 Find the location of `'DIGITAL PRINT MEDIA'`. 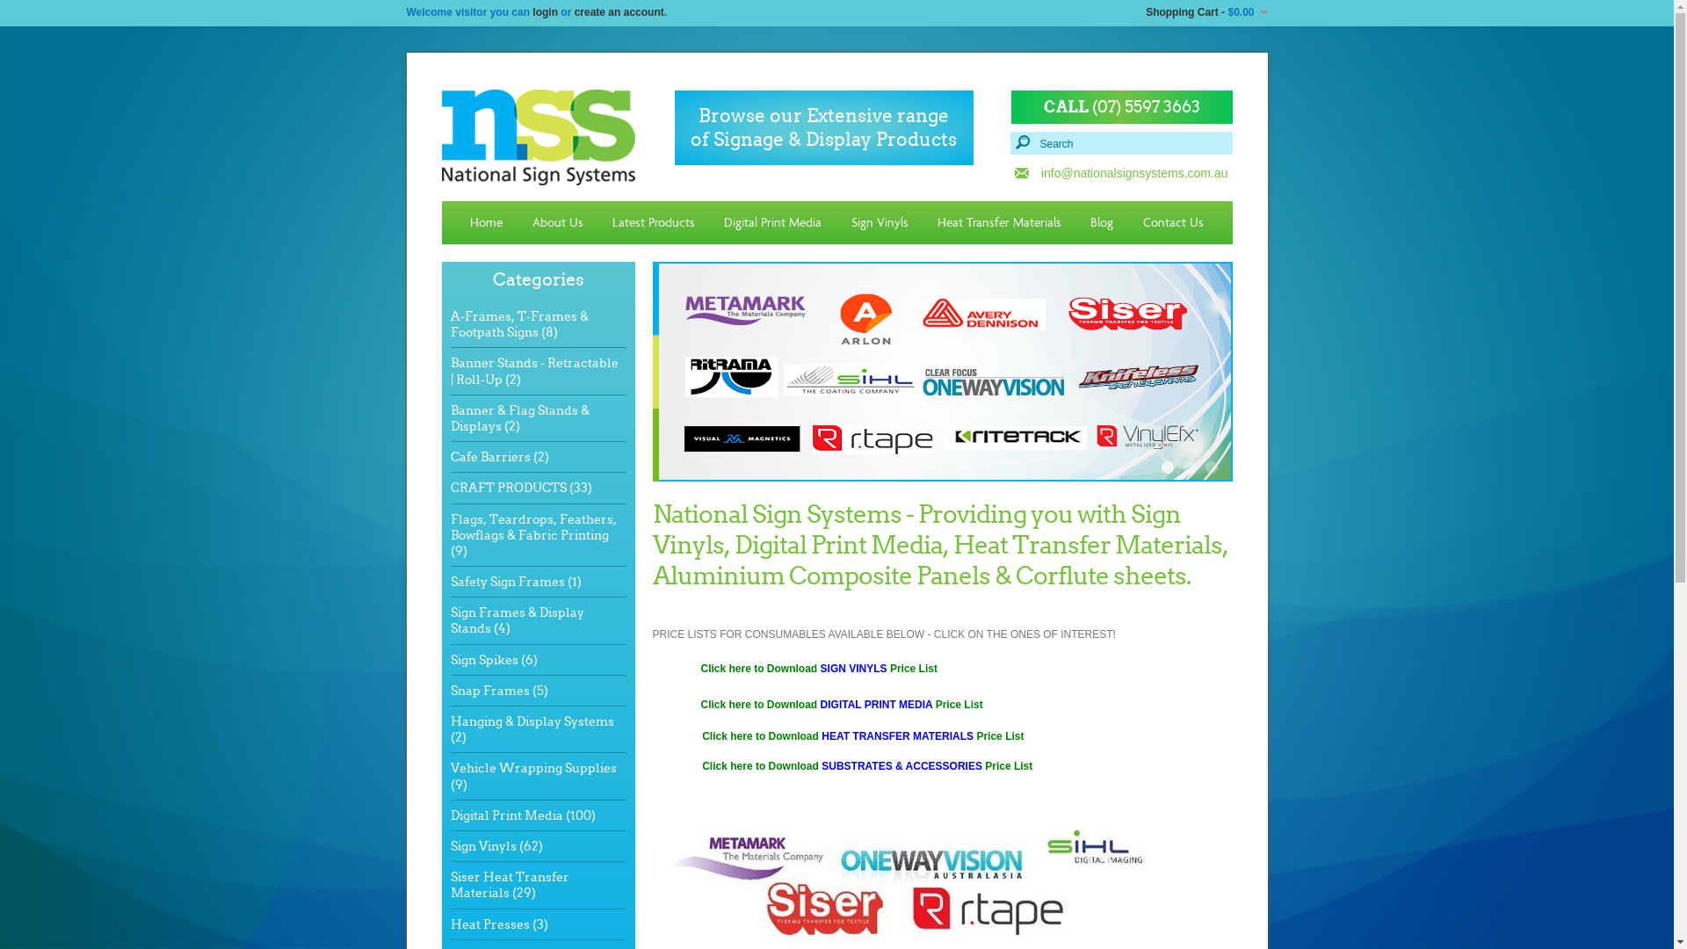

'DIGITAL PRINT MEDIA' is located at coordinates (816, 704).